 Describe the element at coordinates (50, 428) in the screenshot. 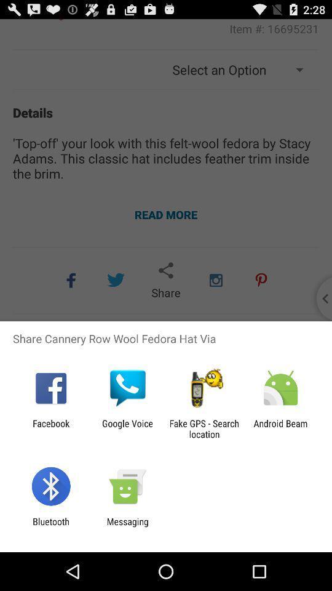

I see `the app next to google voice` at that location.